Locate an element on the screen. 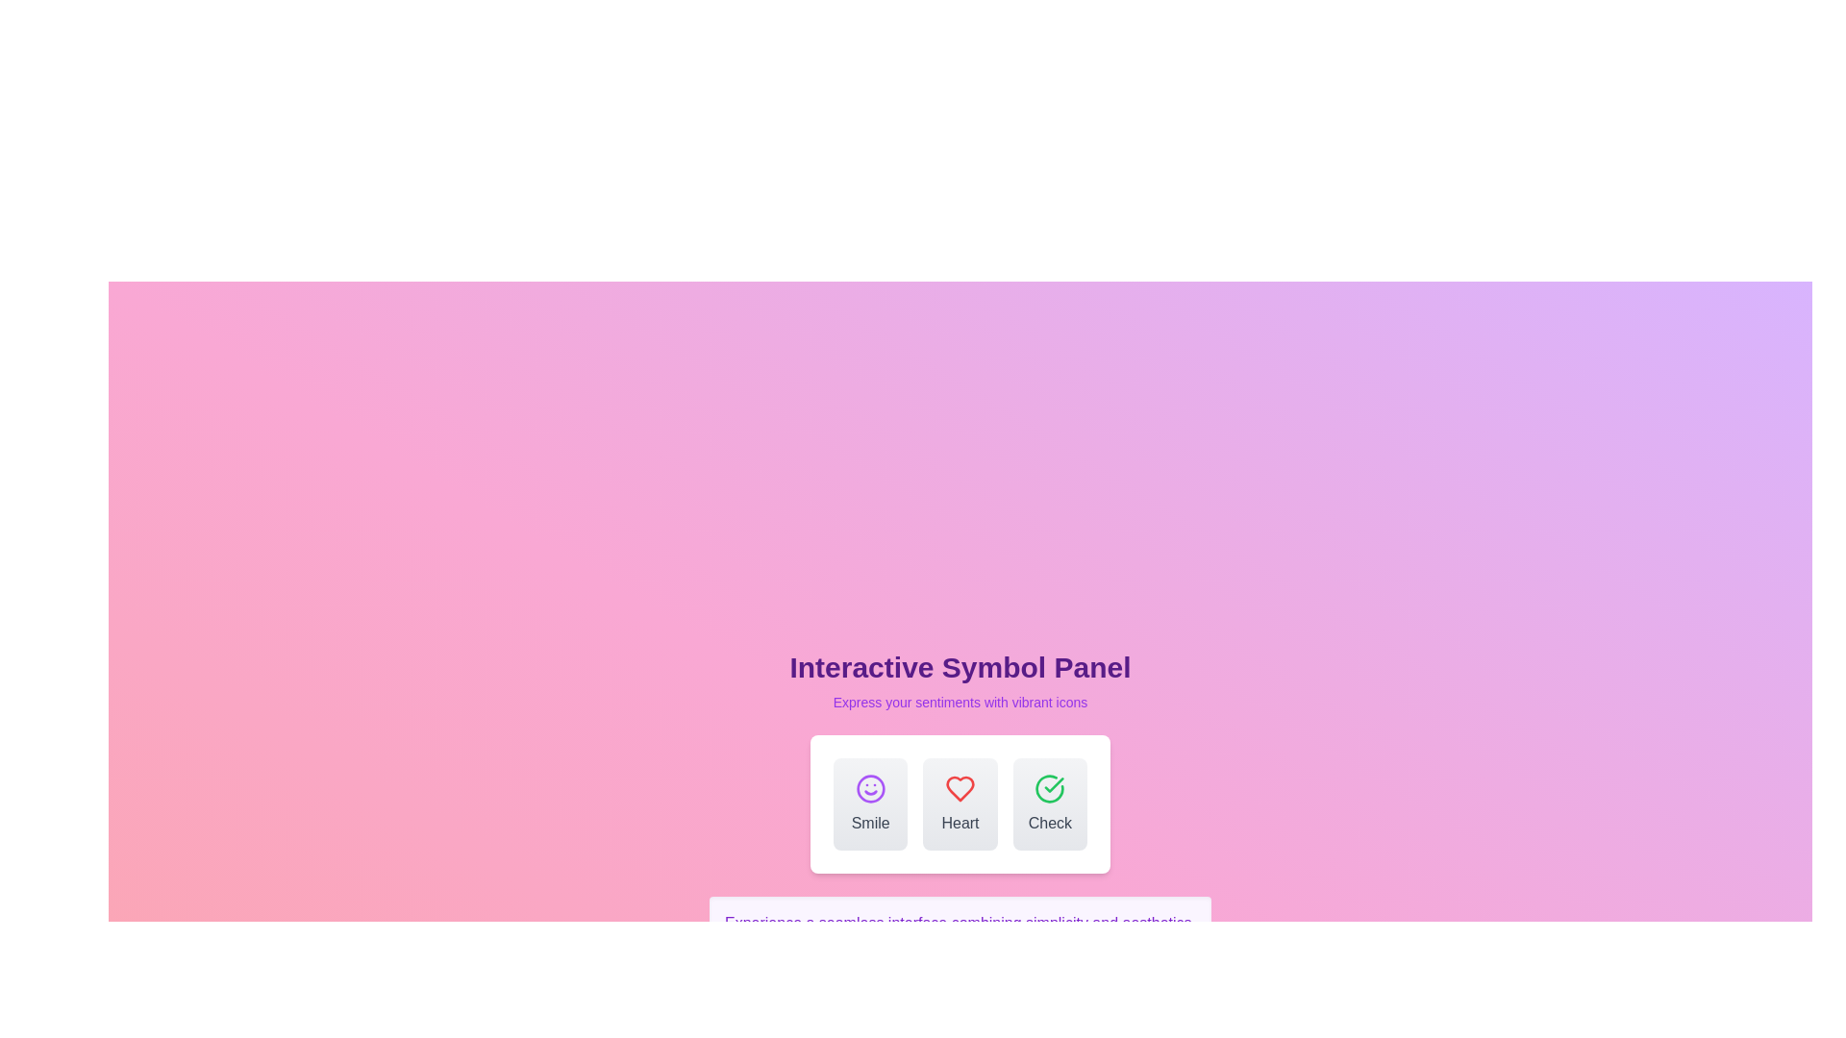 The width and height of the screenshot is (1846, 1038). text label 'Interactive Symbol Panel' which is a bold, large purple font element located at the top center of the panel, above the subheading is located at coordinates (960, 666).